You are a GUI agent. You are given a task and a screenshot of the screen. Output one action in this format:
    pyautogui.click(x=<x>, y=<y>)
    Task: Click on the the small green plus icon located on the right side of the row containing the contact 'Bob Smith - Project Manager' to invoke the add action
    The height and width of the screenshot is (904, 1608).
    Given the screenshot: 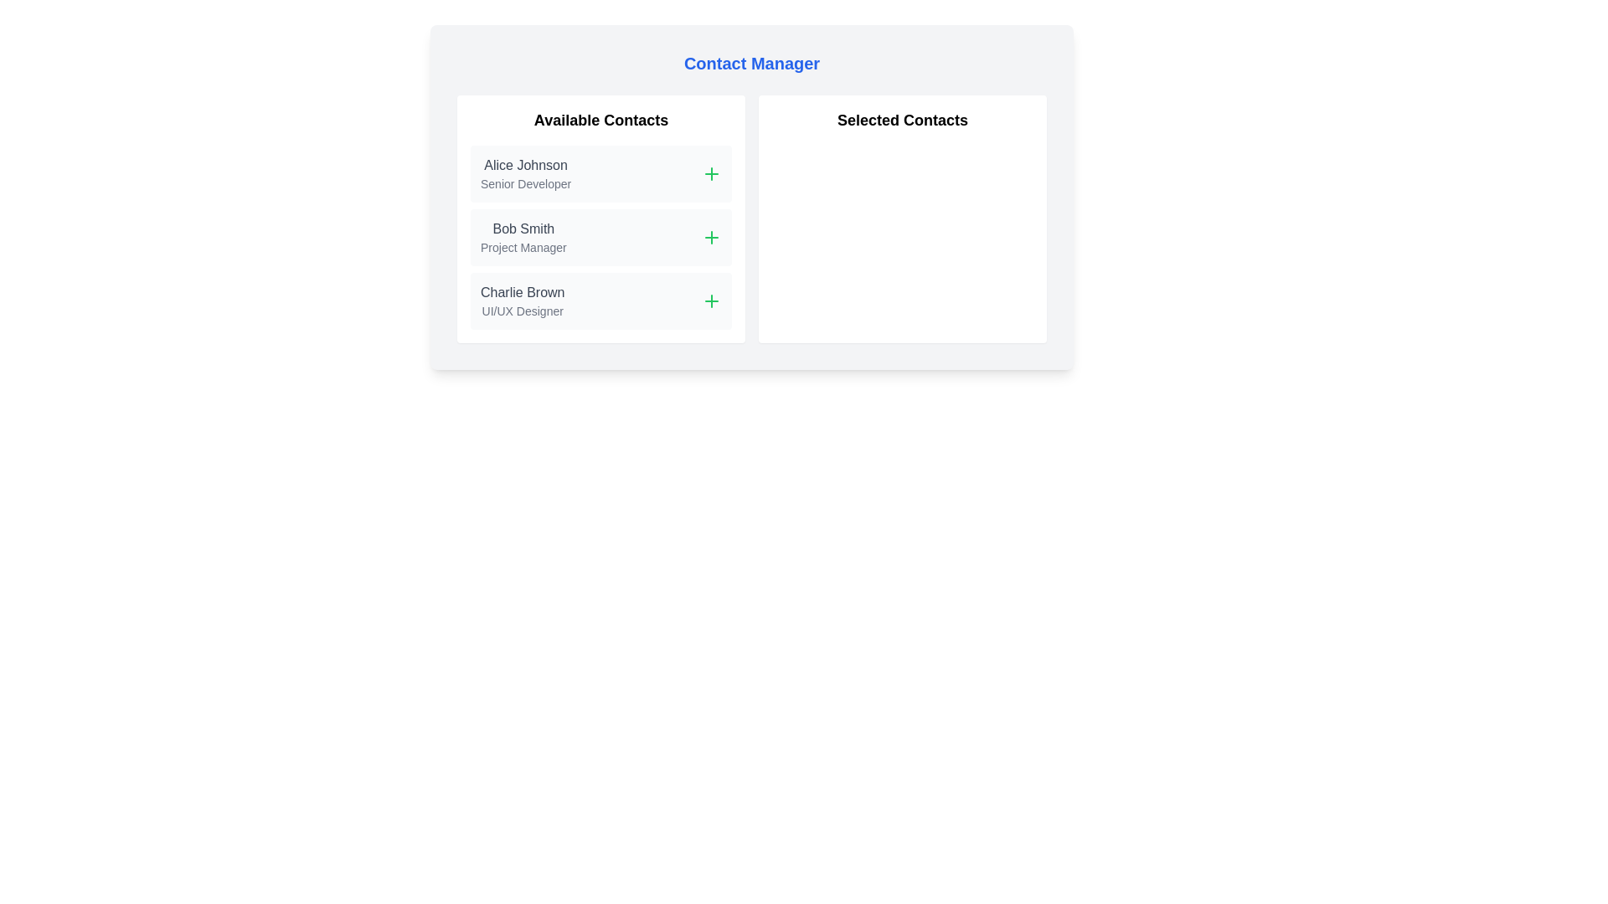 What is the action you would take?
    pyautogui.click(x=711, y=238)
    